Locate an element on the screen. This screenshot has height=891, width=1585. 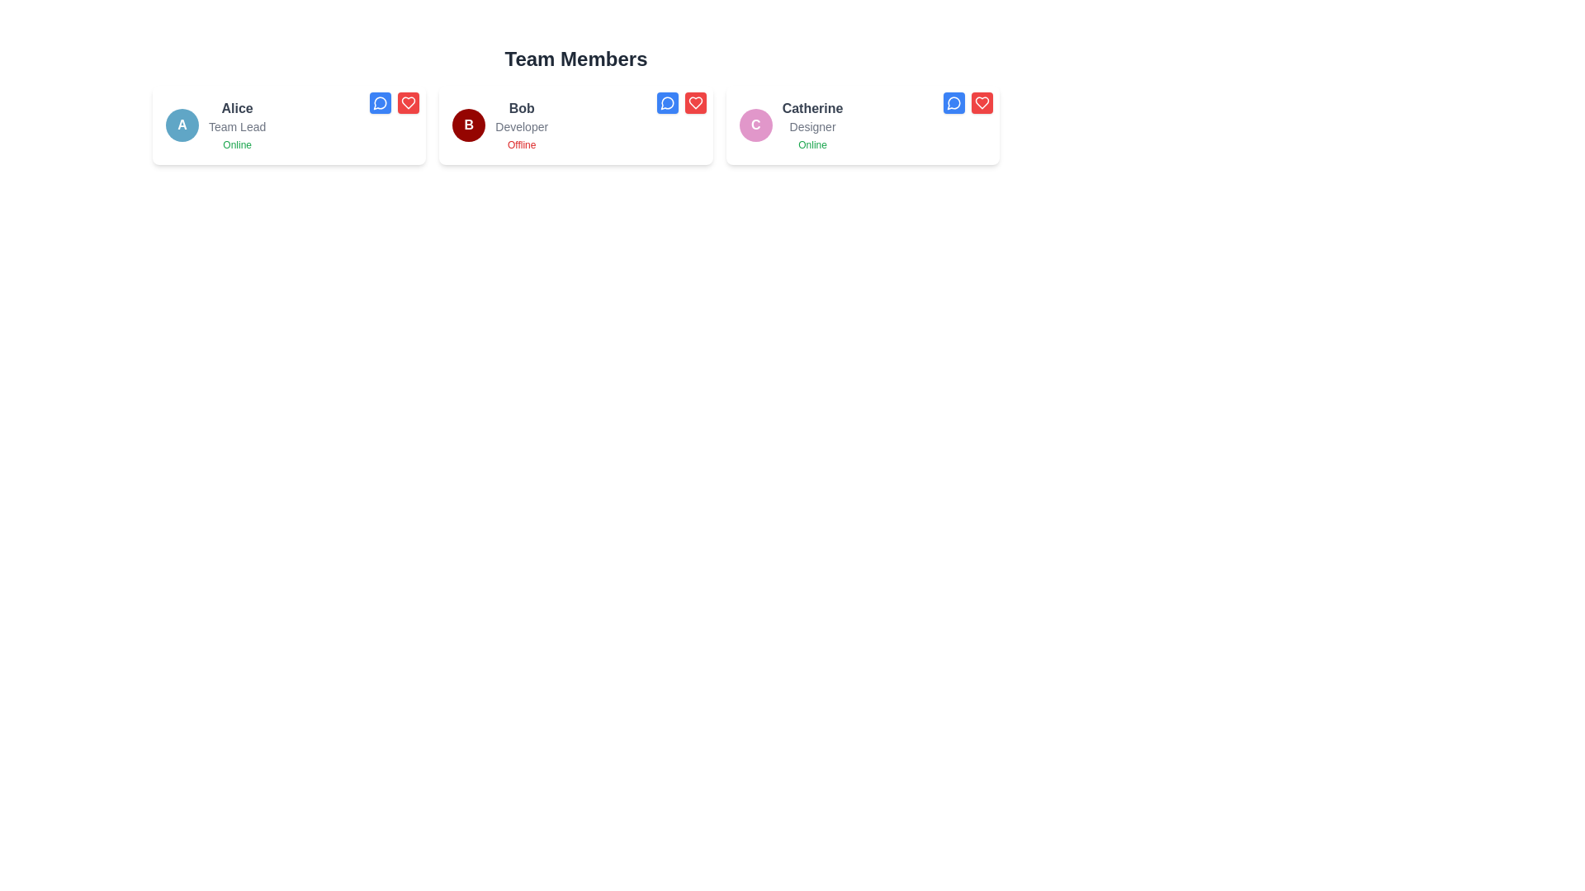
the speech bubble icon, which is a white circular outline on a blue background, located in the top right corner of Bob's profile card is located at coordinates (667, 102).